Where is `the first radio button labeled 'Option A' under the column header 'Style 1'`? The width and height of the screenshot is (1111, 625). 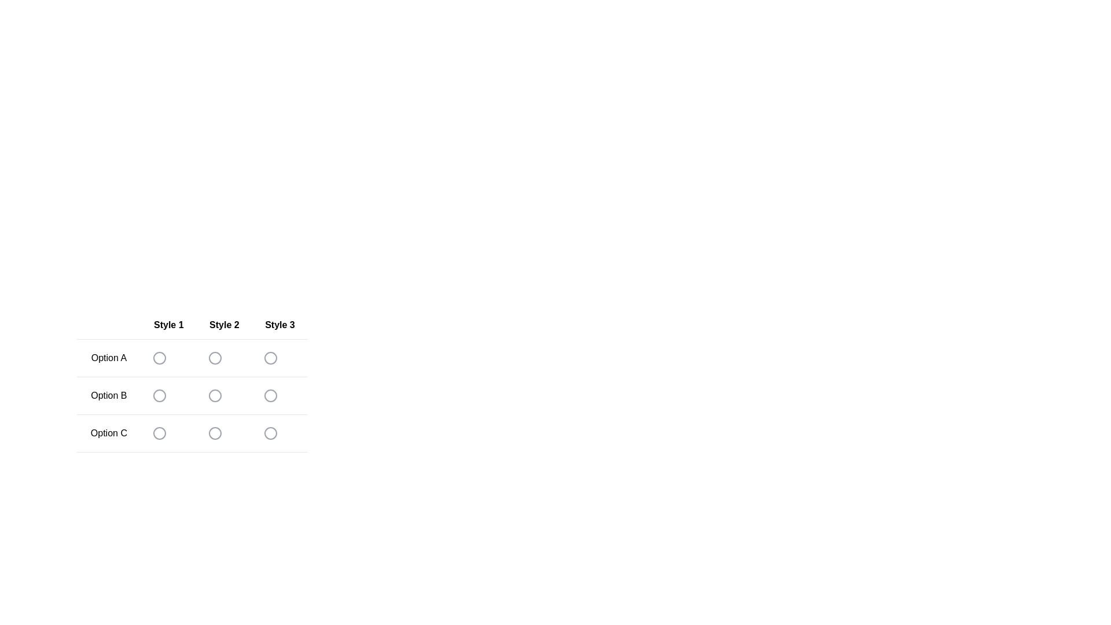 the first radio button labeled 'Option A' under the column header 'Style 1' is located at coordinates (159, 357).